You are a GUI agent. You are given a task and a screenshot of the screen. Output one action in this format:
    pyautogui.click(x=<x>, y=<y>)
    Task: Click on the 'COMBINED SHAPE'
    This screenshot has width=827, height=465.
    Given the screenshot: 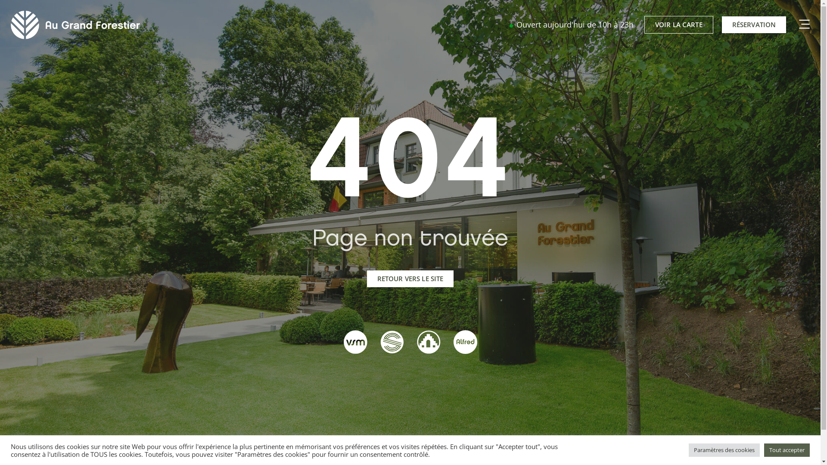 What is the action you would take?
    pyautogui.click(x=794, y=24)
    